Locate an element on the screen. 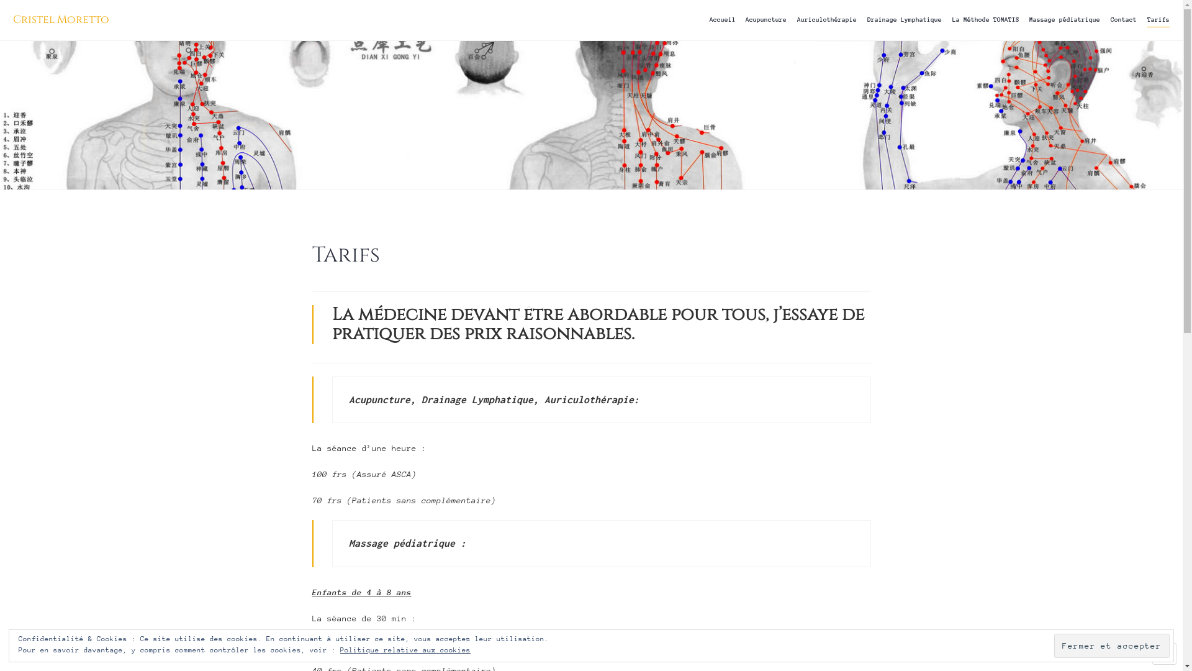  'Tarifs' is located at coordinates (1158, 20).